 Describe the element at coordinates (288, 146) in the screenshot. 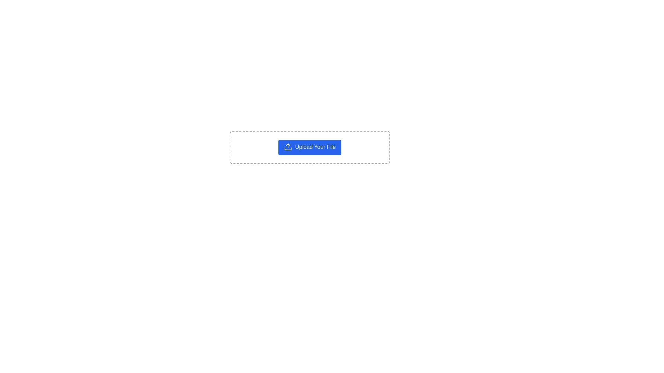

I see `the 'Upload Your File' button by clicking on the upward arrow icon, which is visually represented as a simplistic blue background with white strokes` at that location.